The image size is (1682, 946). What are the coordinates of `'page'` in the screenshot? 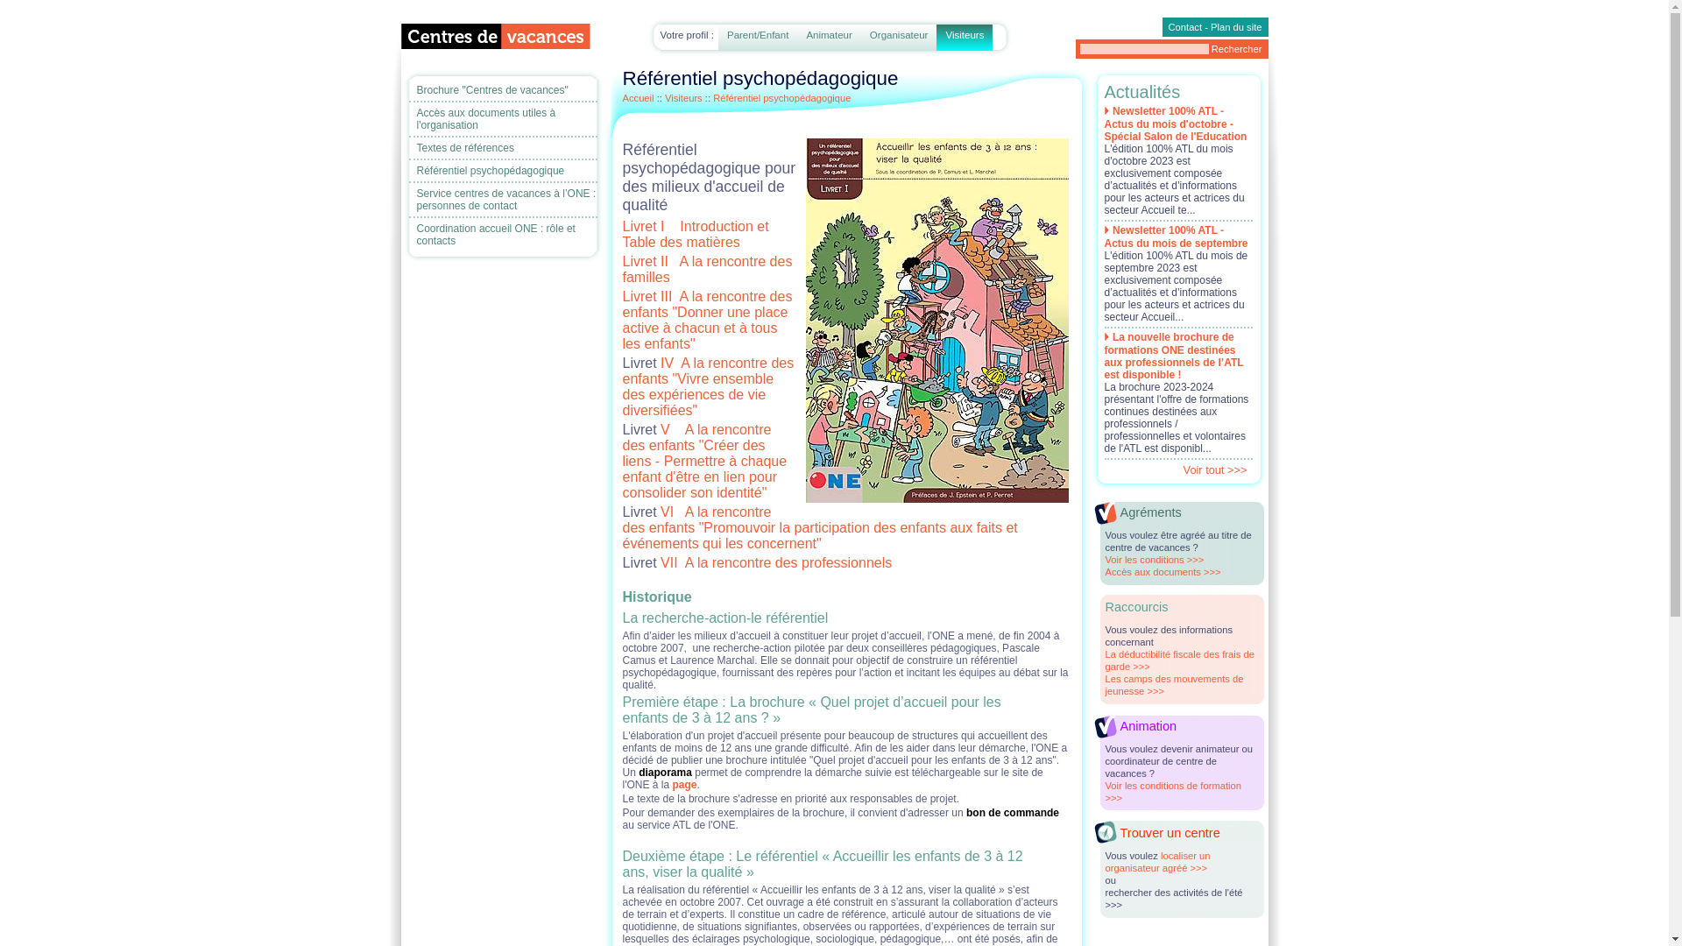 It's located at (683, 783).